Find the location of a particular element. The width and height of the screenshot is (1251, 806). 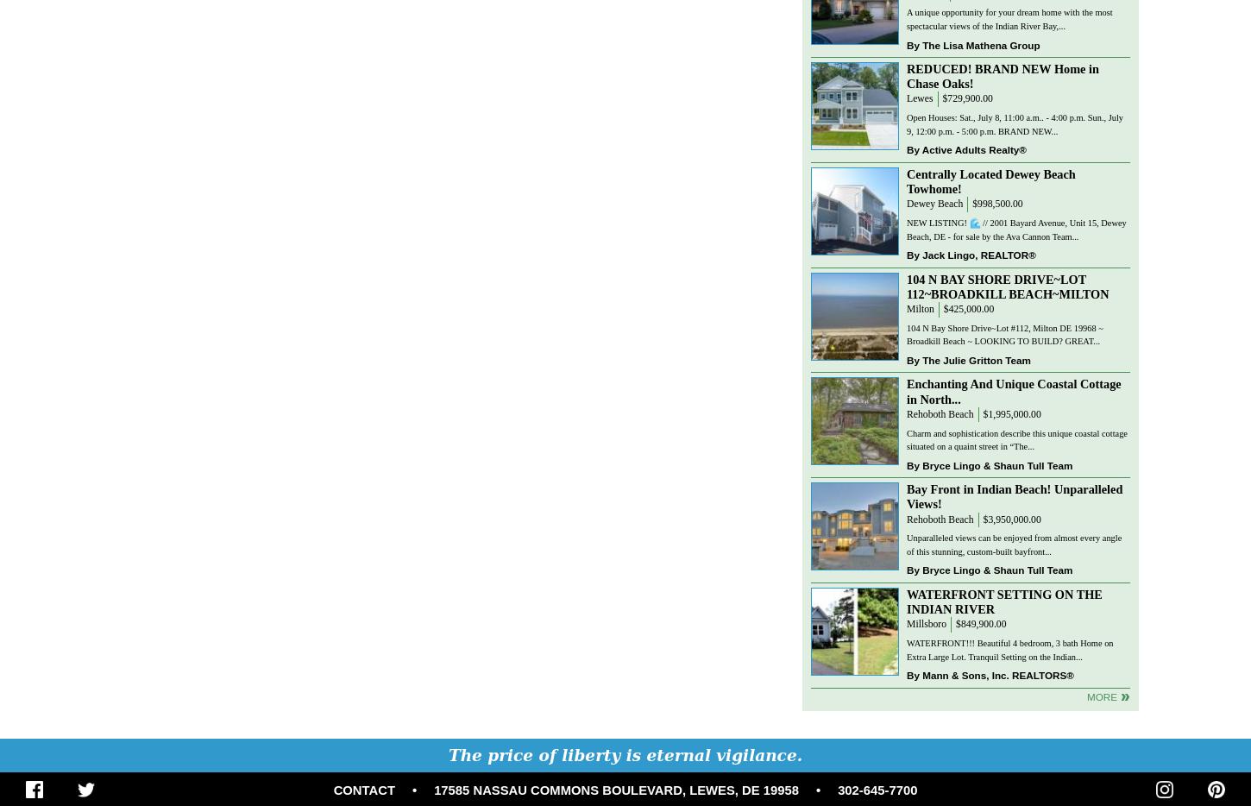

'Lewes' is located at coordinates (920, 98).